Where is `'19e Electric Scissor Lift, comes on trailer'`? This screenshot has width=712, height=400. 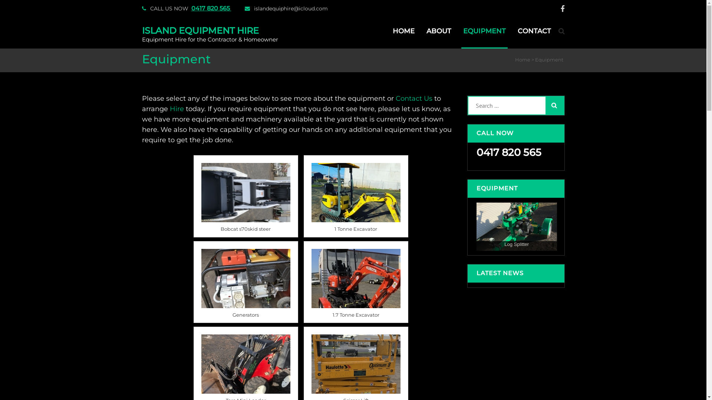 '19e Electric Scissor Lift, comes on trailer' is located at coordinates (356, 364).